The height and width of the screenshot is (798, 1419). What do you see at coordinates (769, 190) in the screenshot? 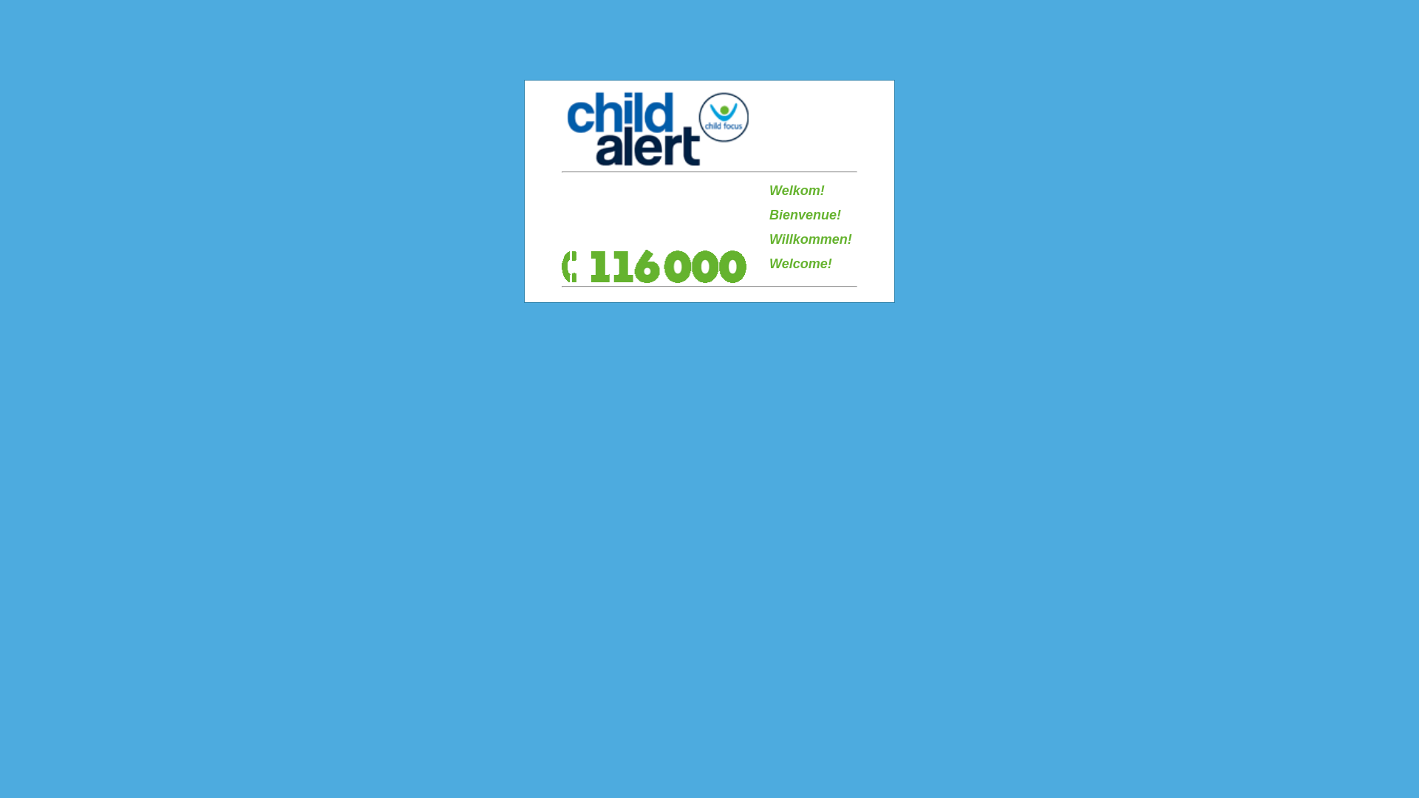
I see `'Welkom!'` at bounding box center [769, 190].